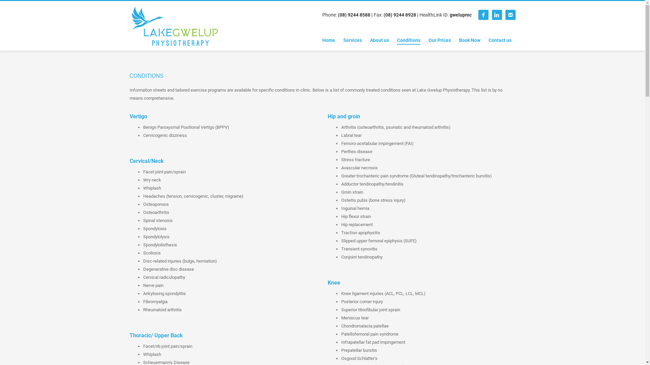 This screenshot has height=365, width=650. I want to click on 'Book Now', so click(469, 40).